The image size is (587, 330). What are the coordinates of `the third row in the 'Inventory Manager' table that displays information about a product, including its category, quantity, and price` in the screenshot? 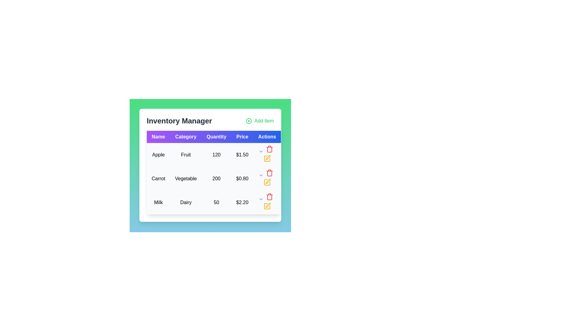 It's located at (214, 203).